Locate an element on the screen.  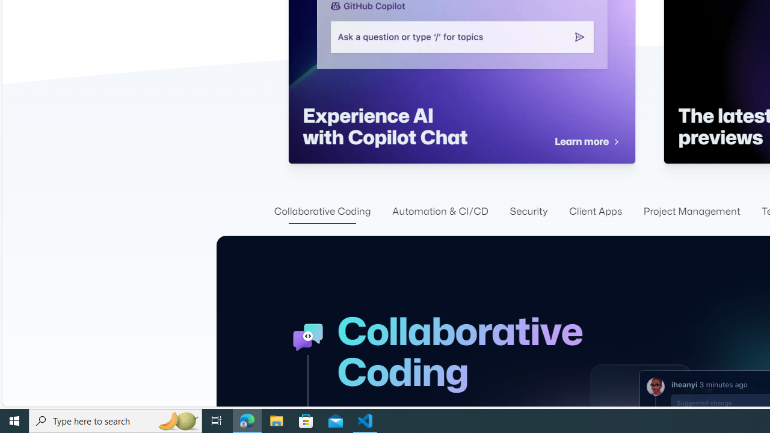
'Project Management' is located at coordinates (692, 211).